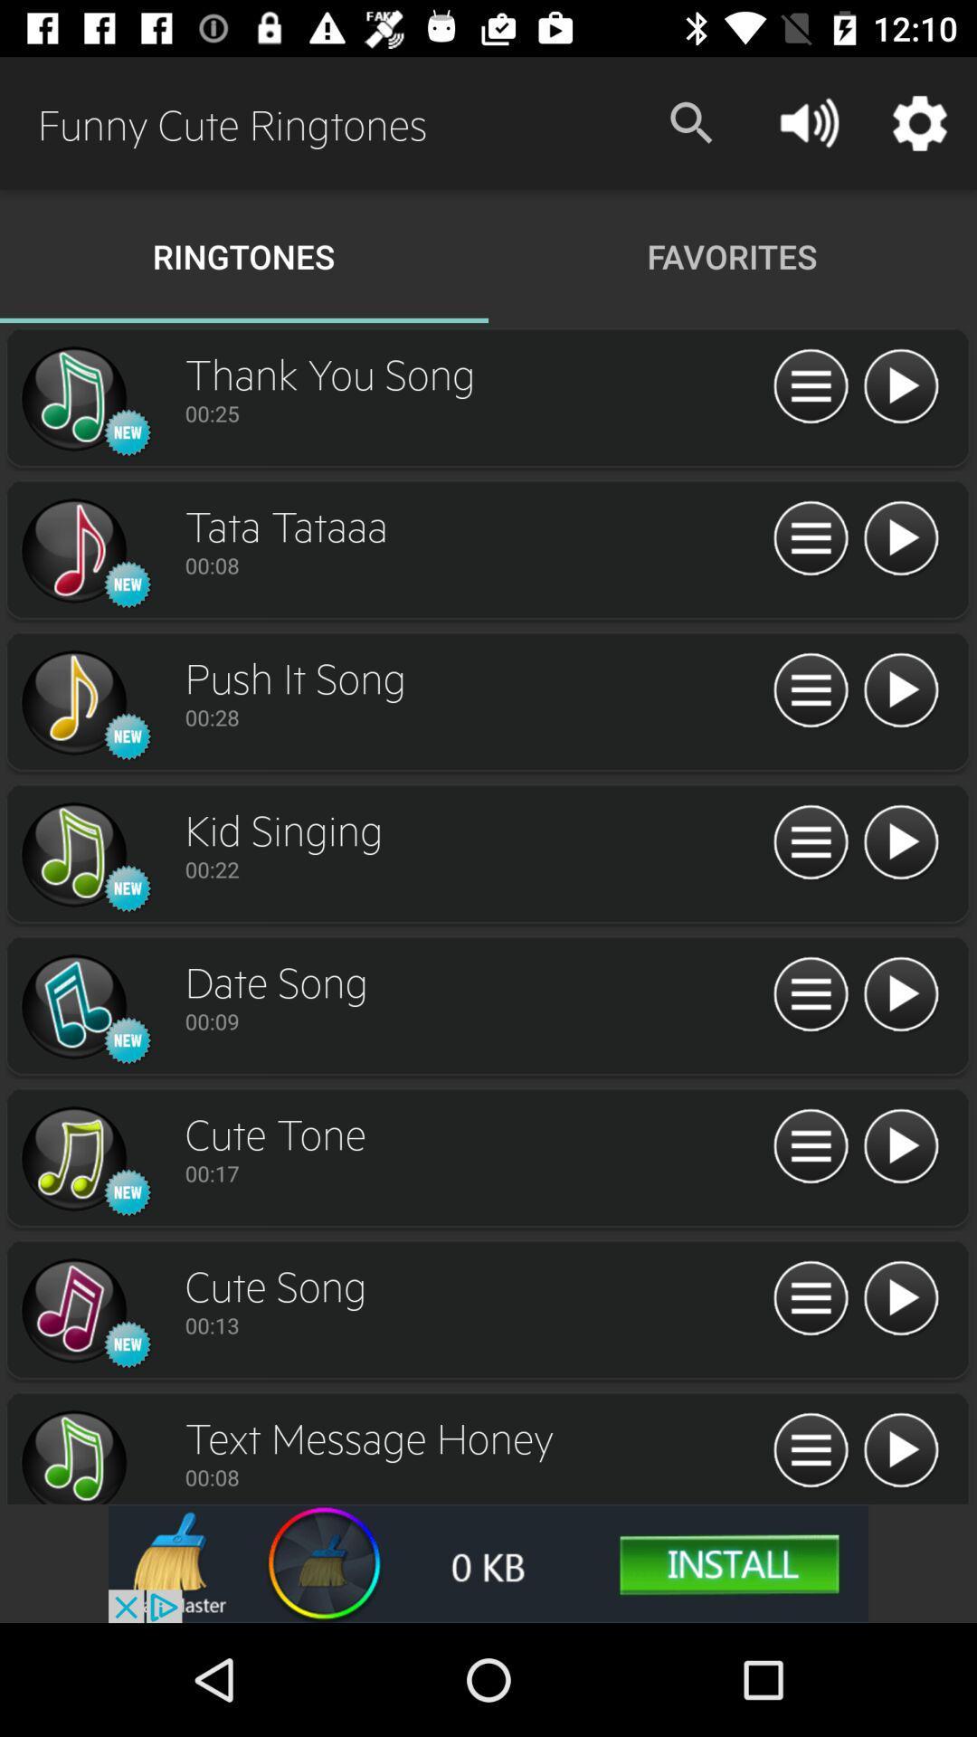 Image resolution: width=977 pixels, height=1737 pixels. I want to click on switch play option, so click(900, 1146).